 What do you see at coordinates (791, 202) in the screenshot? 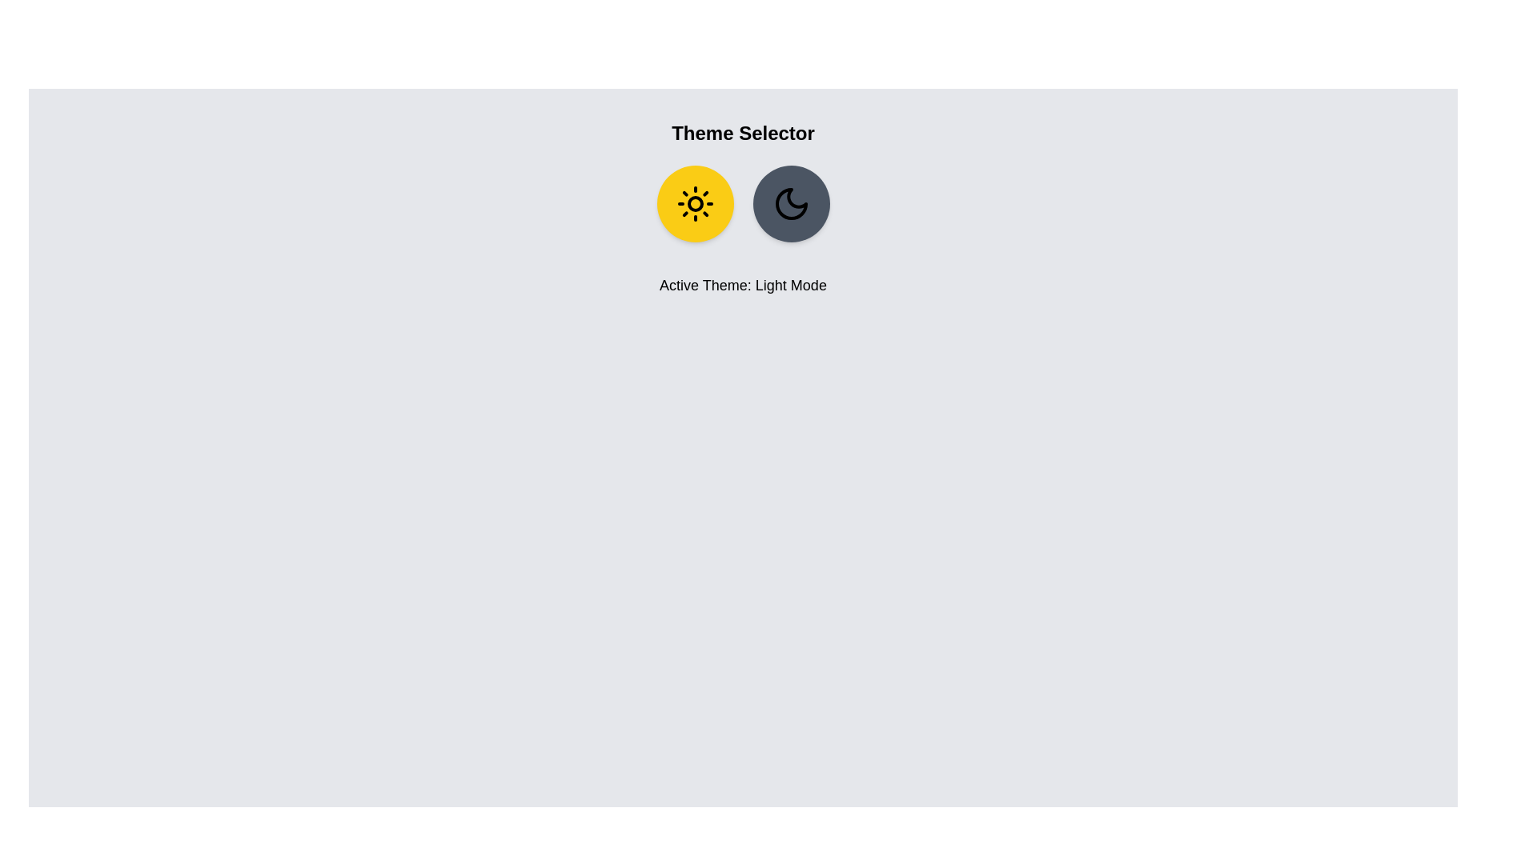
I see `the theme toggle button to switch to dark` at bounding box center [791, 202].